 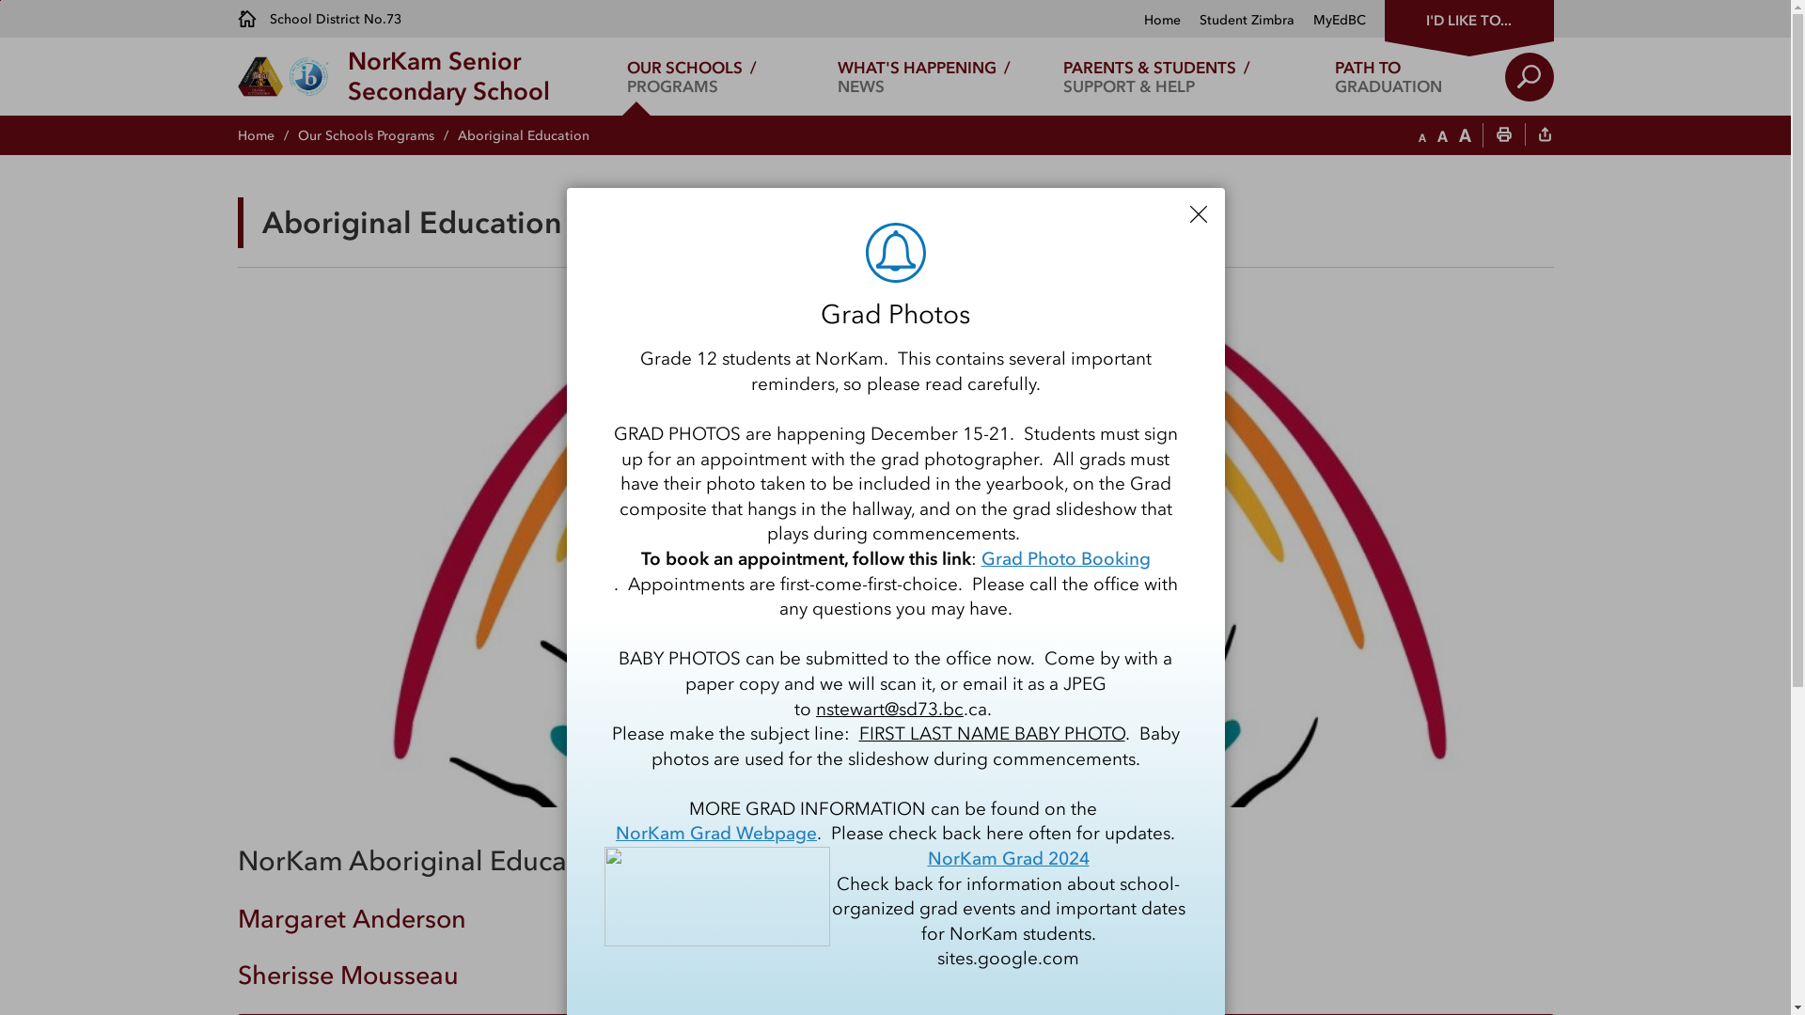 What do you see at coordinates (1328, 20) in the screenshot?
I see `'MyEdBC'` at bounding box center [1328, 20].